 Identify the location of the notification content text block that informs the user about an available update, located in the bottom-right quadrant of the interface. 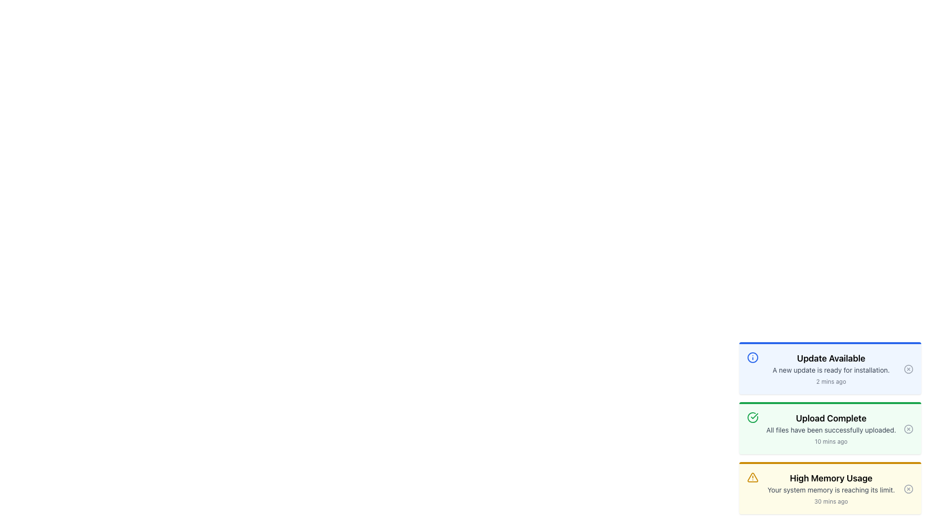
(830, 369).